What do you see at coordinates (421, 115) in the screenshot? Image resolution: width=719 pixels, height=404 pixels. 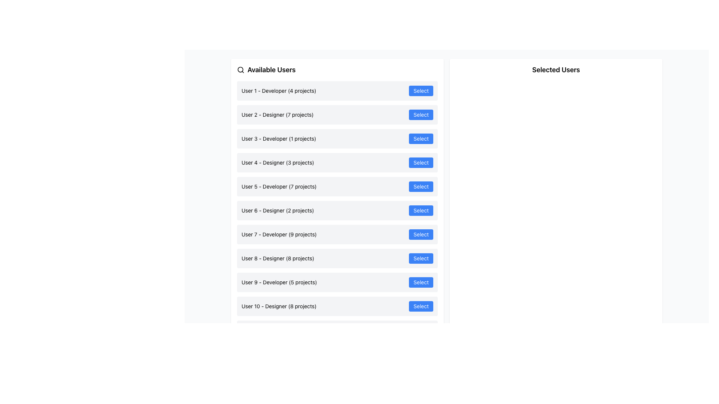 I see `the rectangular button with a blue background and white bold text reading 'Select', which is located to the far right of the entry labeled 'User 2 - Designer (7 projects)' in the 'Available Users' list` at bounding box center [421, 115].